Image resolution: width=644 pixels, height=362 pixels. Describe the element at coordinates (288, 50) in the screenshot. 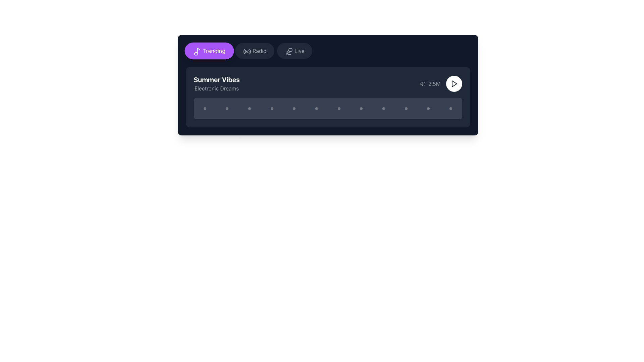

I see `the microphone icon with a slash, indicating a muted state, located to the left of the 'Live' button in the navigation bar` at that location.